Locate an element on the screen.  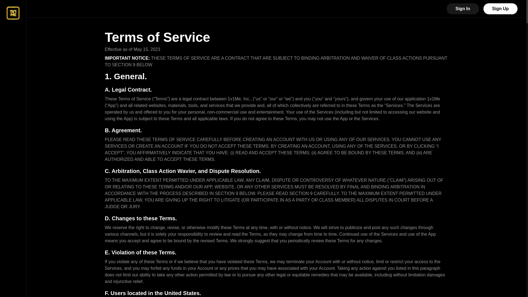
'Sign In' is located at coordinates (462, 9).